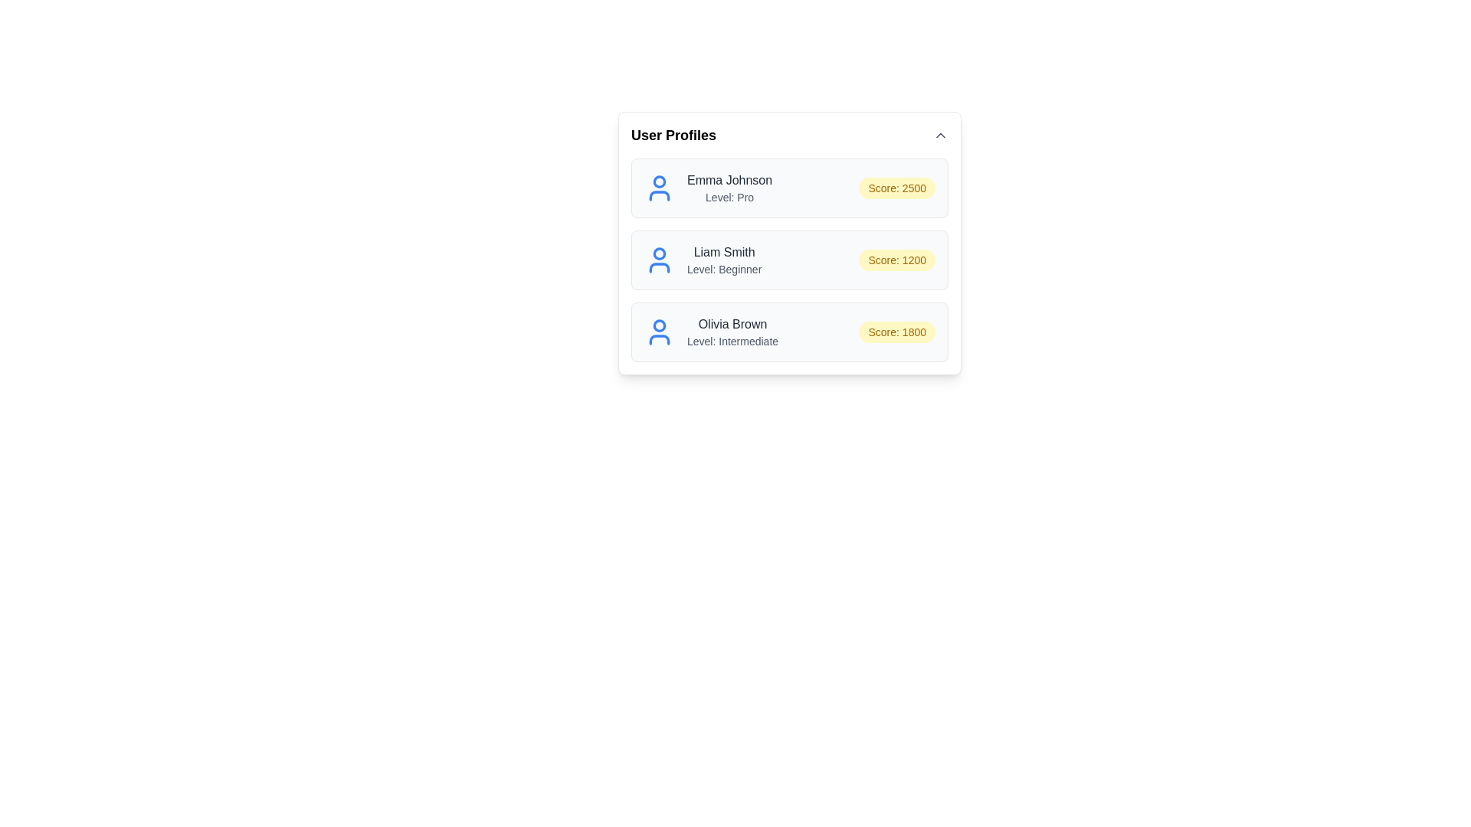 The image size is (1471, 827). What do you see at coordinates (790, 332) in the screenshot?
I see `the user information card displaying 'Olivia Brown' with the score '1800', which is the last card in a vertical list of three cards` at bounding box center [790, 332].